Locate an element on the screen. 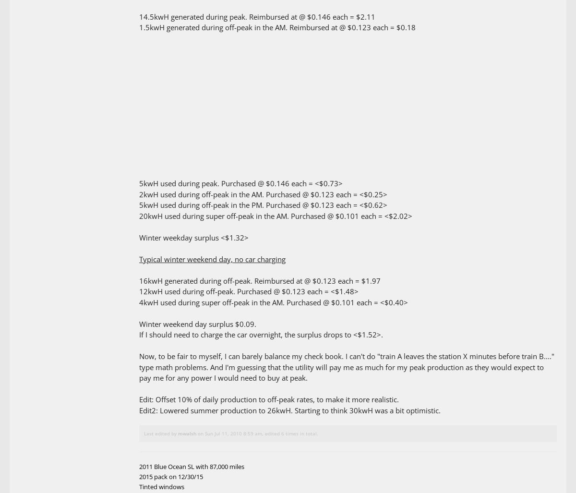  '16kwH generated during off-peak. Reimbursed at @ $0.123 each = $1.97' is located at coordinates (259, 280).